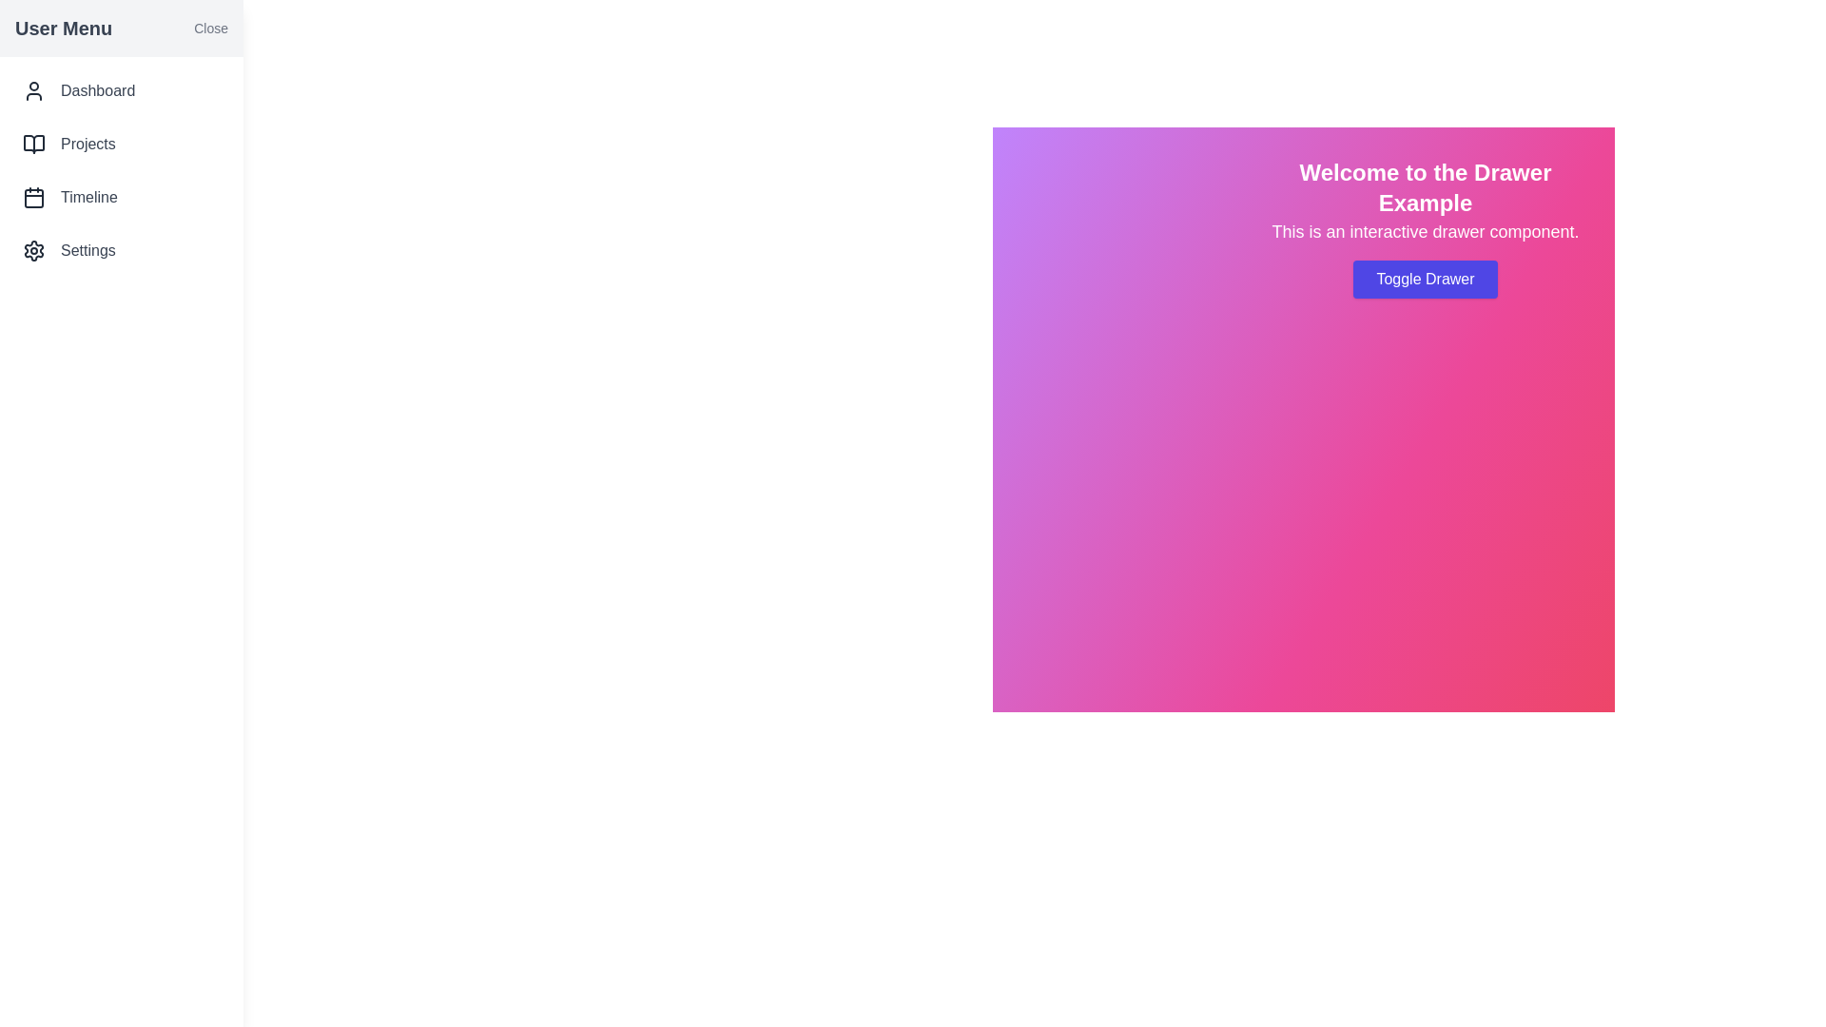 The height and width of the screenshot is (1027, 1826). What do you see at coordinates (121, 249) in the screenshot?
I see `the menu item Settings in the drawer` at bounding box center [121, 249].